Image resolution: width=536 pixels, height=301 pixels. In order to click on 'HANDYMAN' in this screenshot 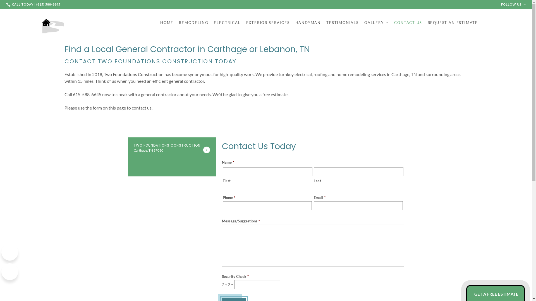, I will do `click(295, 22)`.